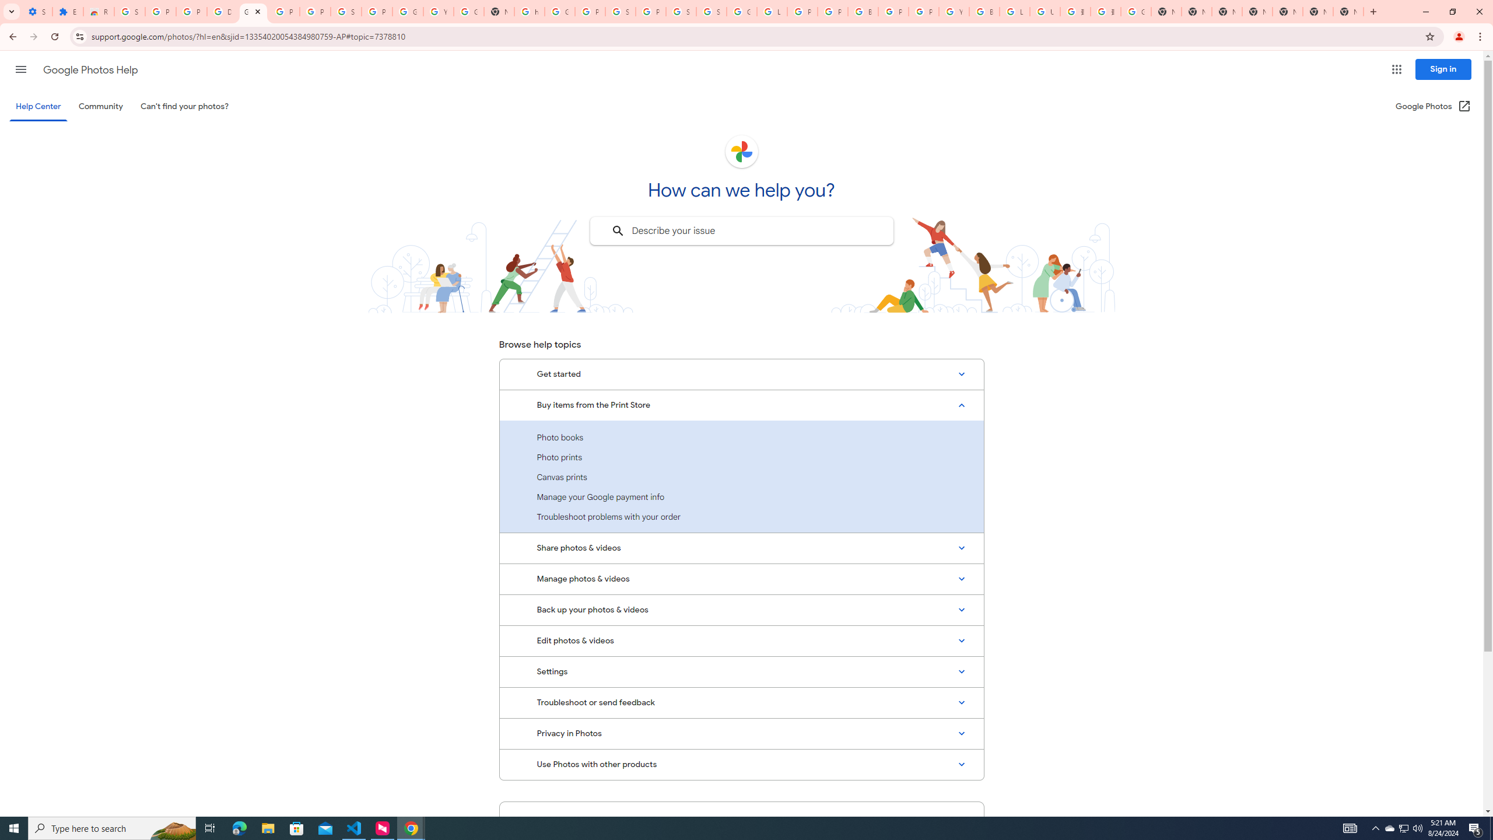 The image size is (1493, 840). What do you see at coordinates (20, 69) in the screenshot?
I see `'Main menu'` at bounding box center [20, 69].